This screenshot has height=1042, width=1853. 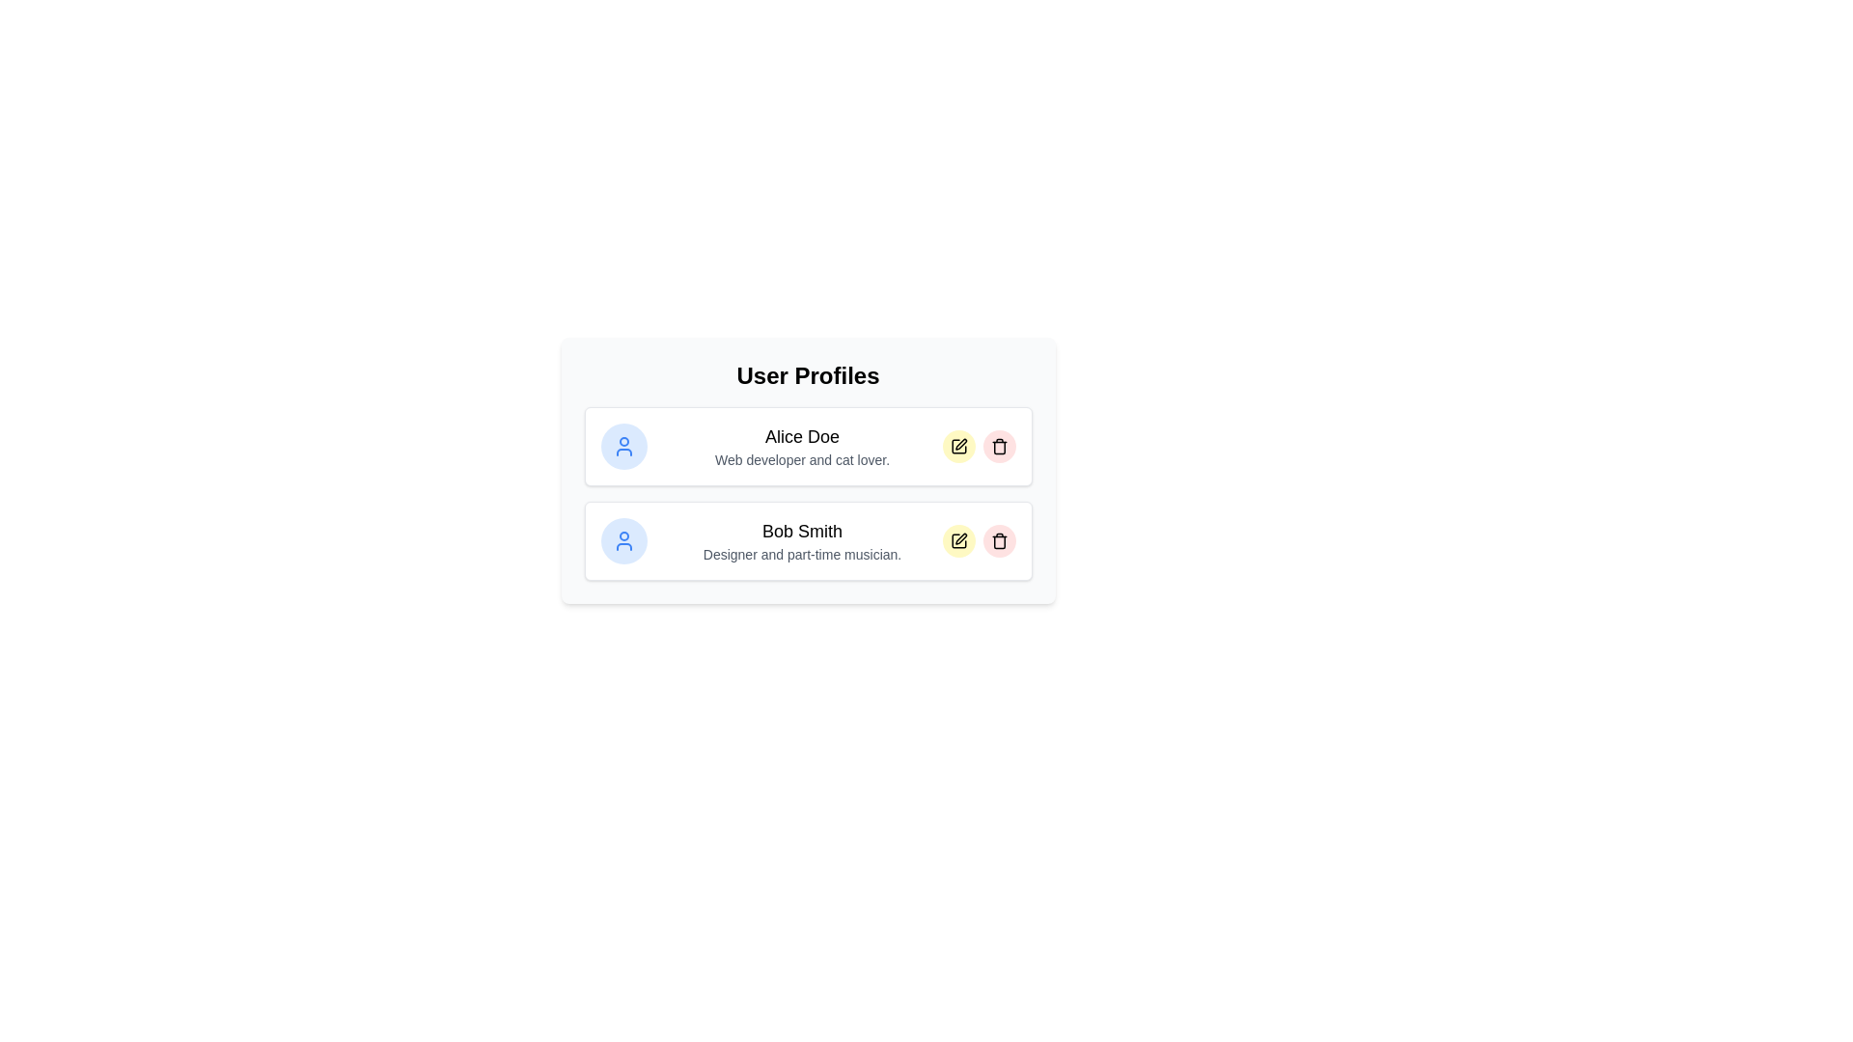 What do you see at coordinates (808, 540) in the screenshot?
I see `the profile card to view details of Bob Smith` at bounding box center [808, 540].